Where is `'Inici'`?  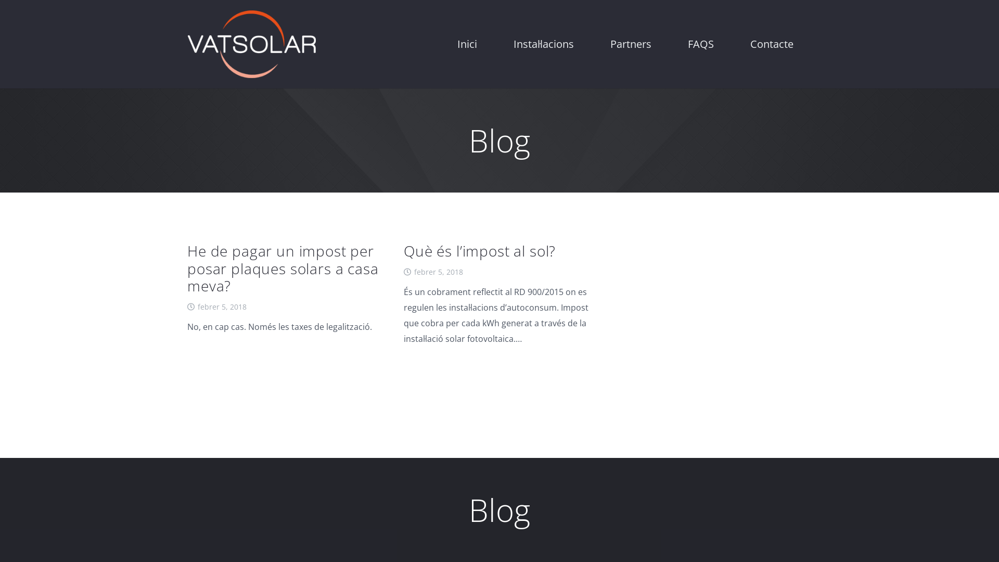
'Inici' is located at coordinates (439, 43).